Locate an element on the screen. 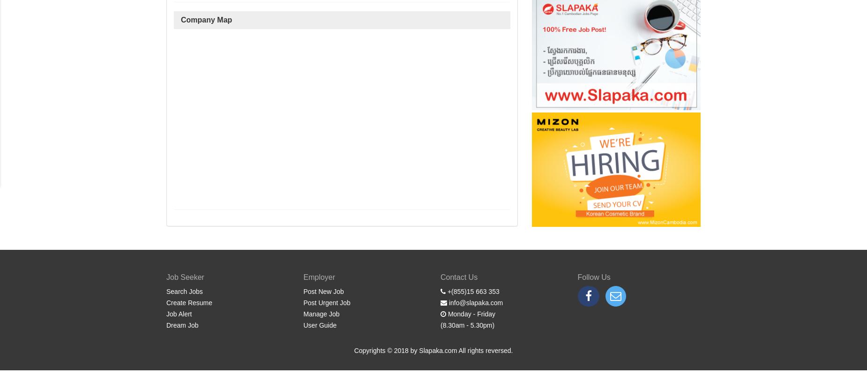 The width and height of the screenshot is (867, 375). 'Monday - Friday' is located at coordinates (470, 314).